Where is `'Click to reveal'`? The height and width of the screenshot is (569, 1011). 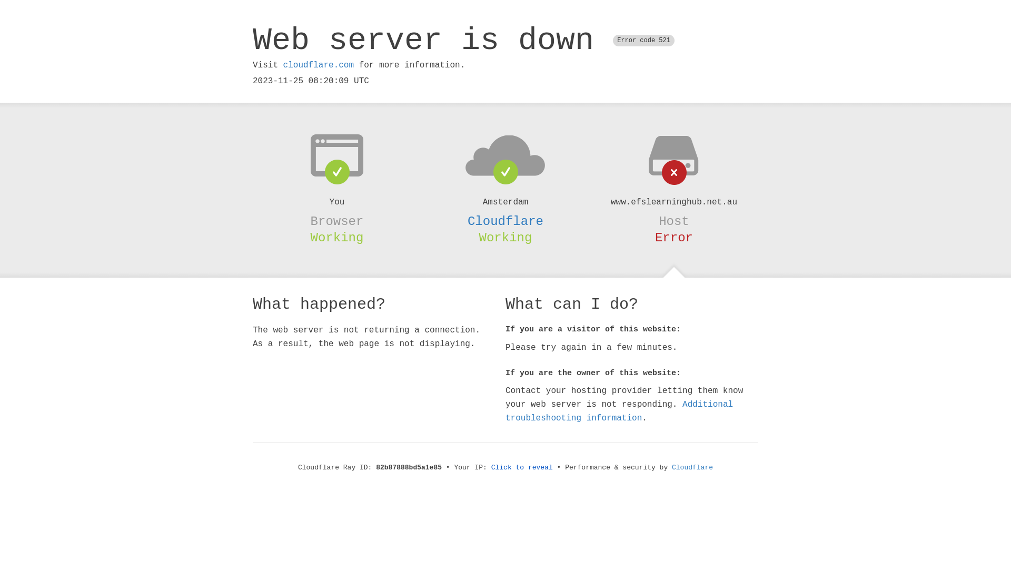
'Click to reveal' is located at coordinates (522, 467).